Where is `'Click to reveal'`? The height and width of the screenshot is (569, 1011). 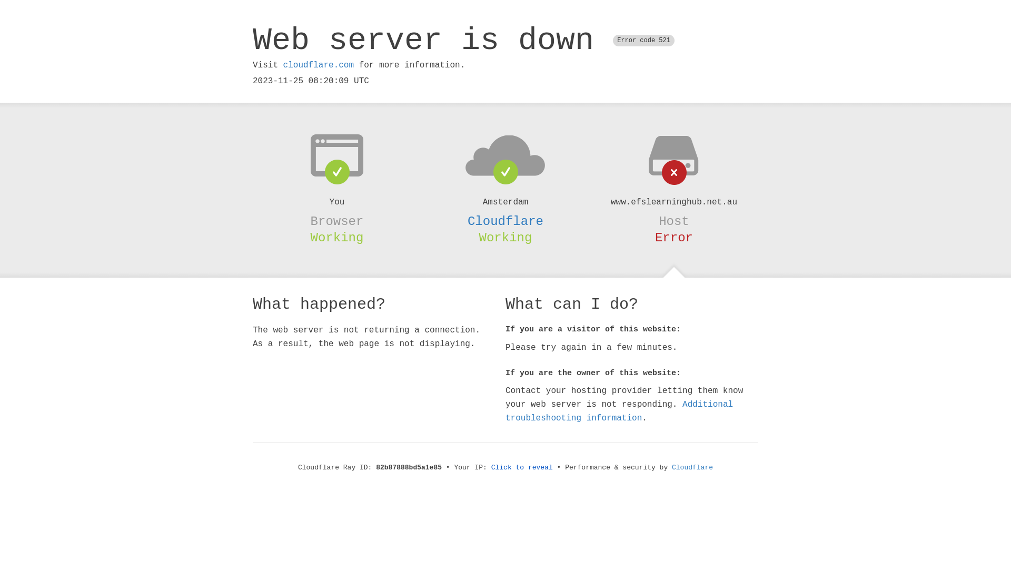
'Click to reveal' is located at coordinates (522, 467).